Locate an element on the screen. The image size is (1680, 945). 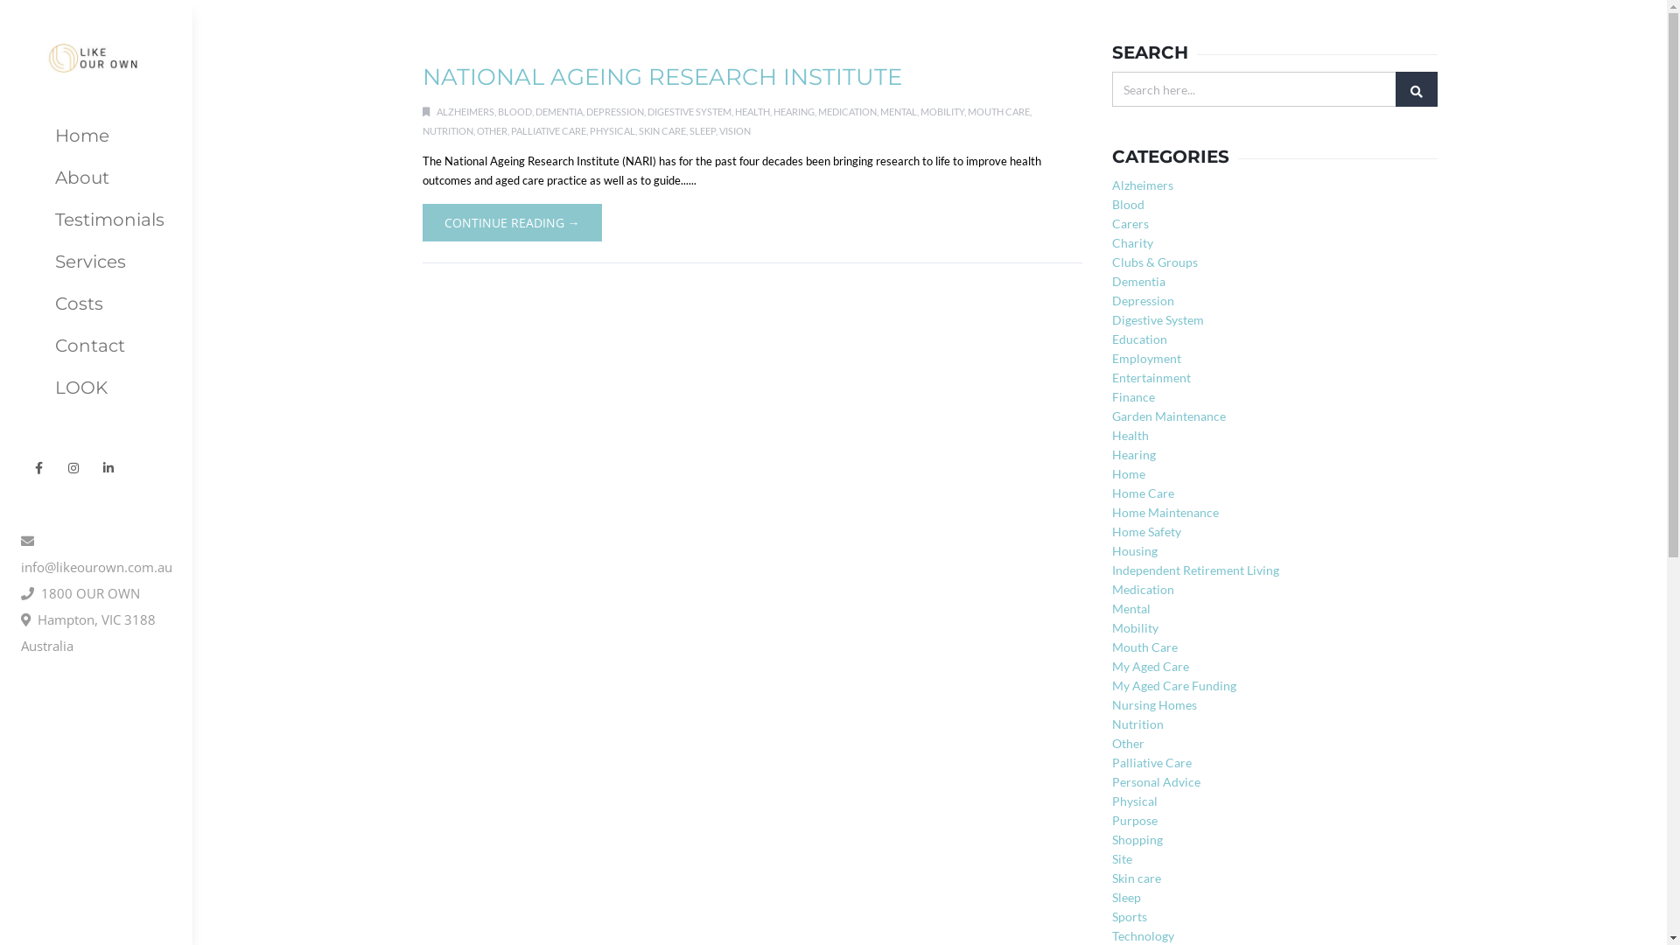
'Digestive System' is located at coordinates (1111, 319).